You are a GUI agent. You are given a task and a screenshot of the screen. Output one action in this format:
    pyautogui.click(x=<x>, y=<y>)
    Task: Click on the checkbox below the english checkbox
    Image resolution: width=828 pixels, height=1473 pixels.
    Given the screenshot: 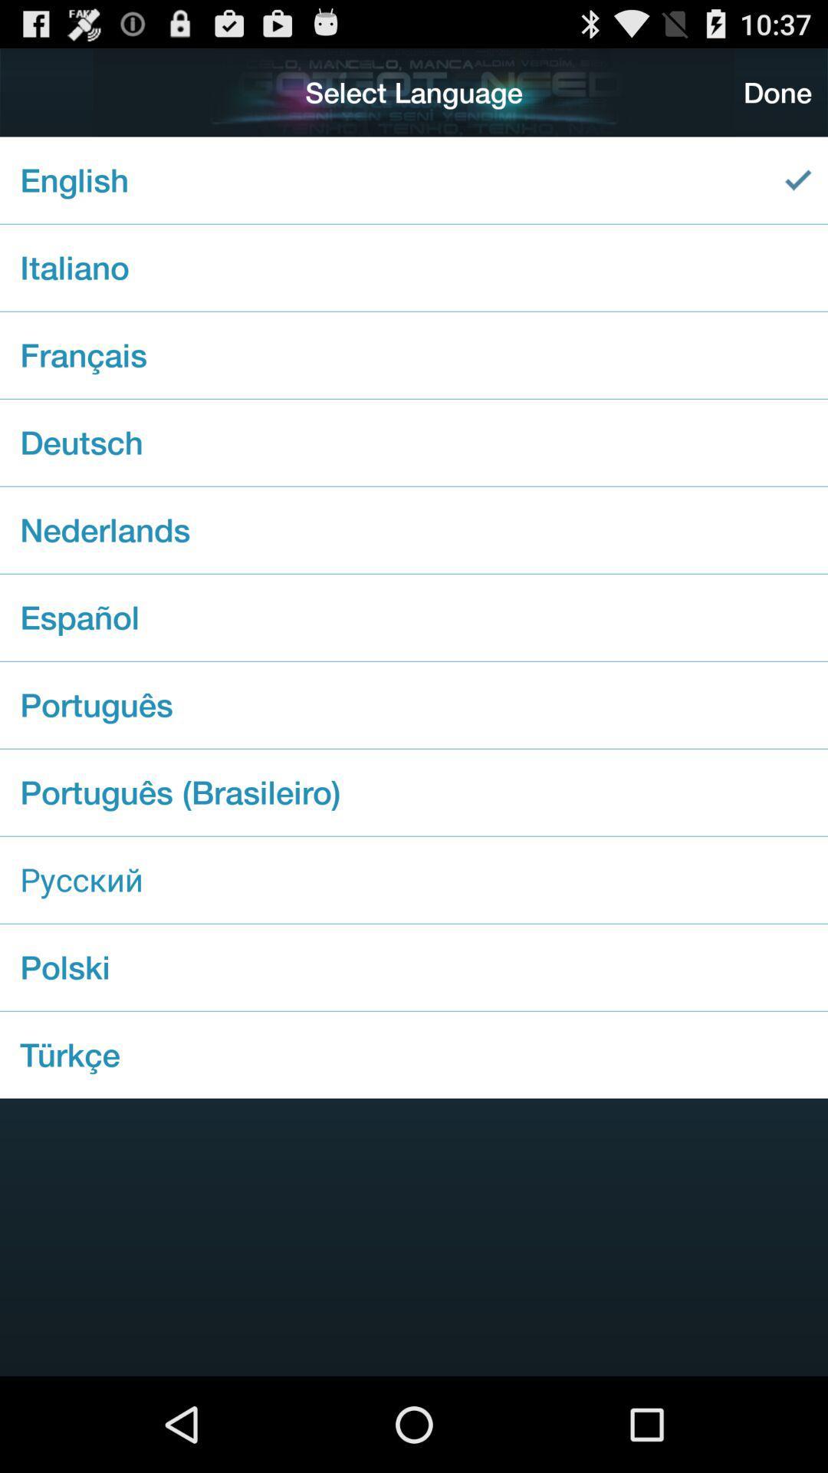 What is the action you would take?
    pyautogui.click(x=414, y=268)
    